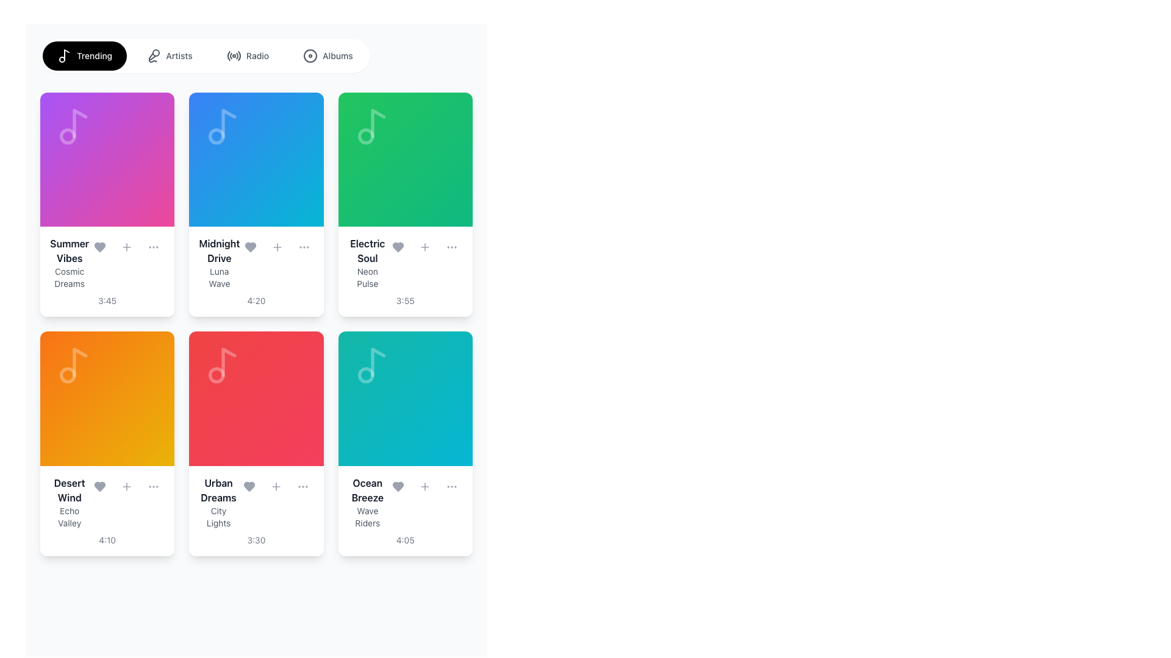 Image resolution: width=1171 pixels, height=658 pixels. I want to click on the heart-shaped gray interactive icon located in the action button group of the 'Electric Soul' card by 'Neon Pulse', so click(398, 247).